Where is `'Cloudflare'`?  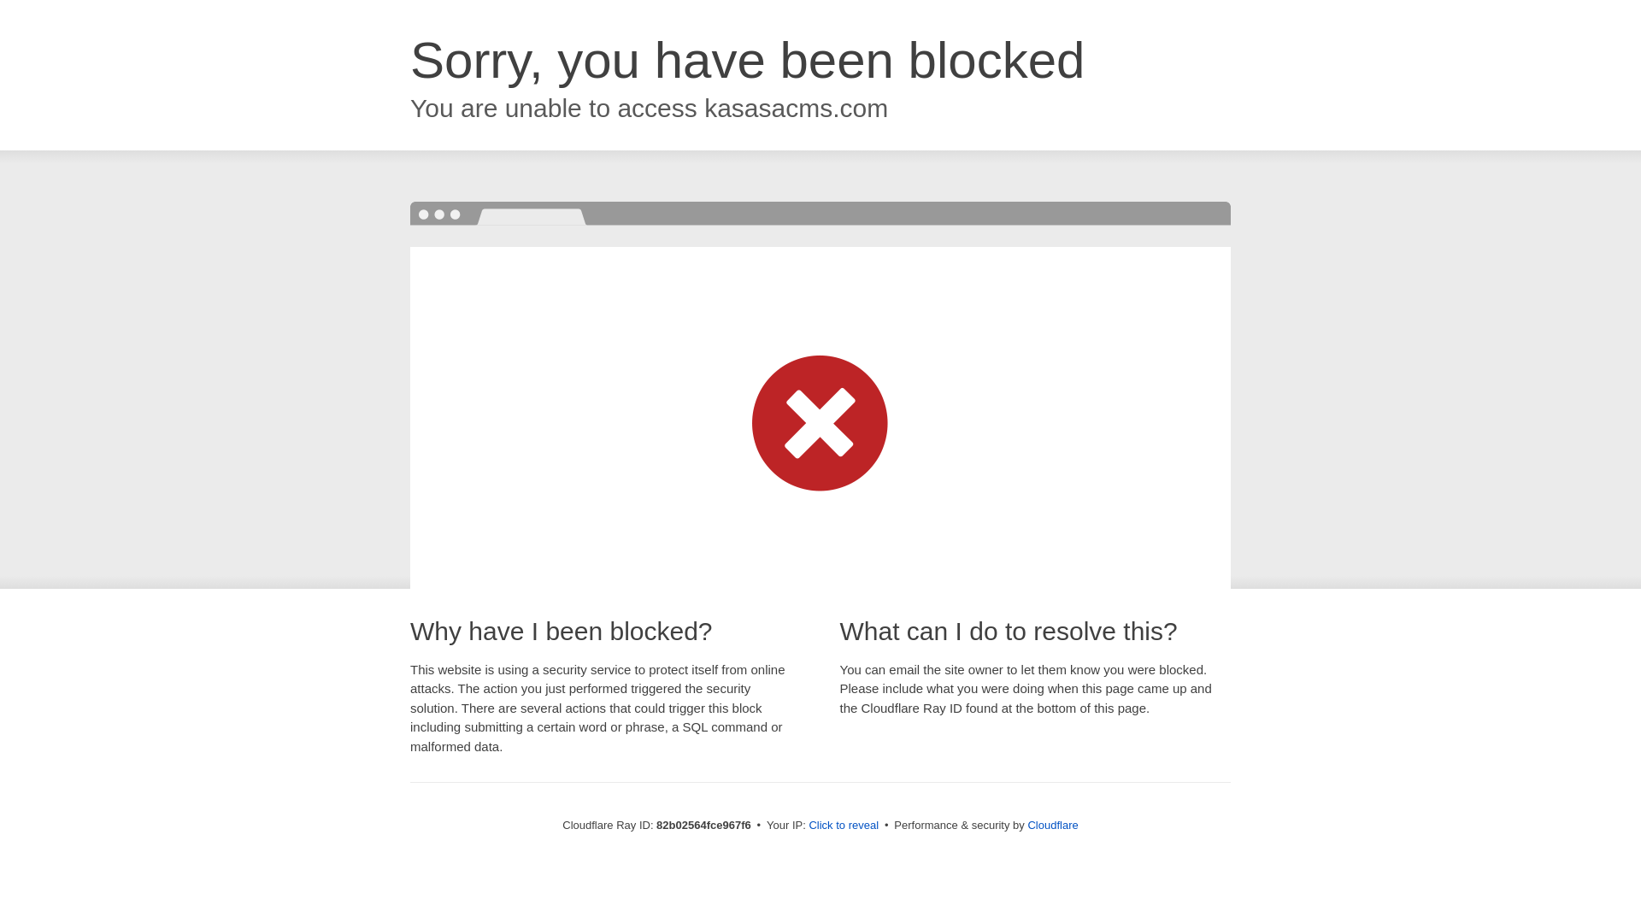 'Cloudflare' is located at coordinates (1051, 824).